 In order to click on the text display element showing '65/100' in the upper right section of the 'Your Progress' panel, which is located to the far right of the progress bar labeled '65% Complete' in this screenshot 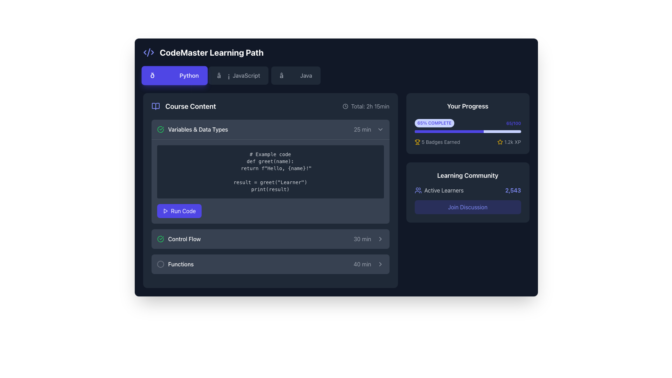, I will do `click(513, 122)`.